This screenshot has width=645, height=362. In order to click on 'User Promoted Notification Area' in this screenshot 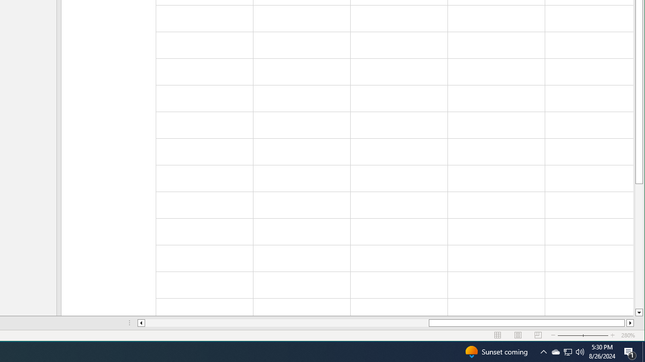, I will do `click(568, 351)`.